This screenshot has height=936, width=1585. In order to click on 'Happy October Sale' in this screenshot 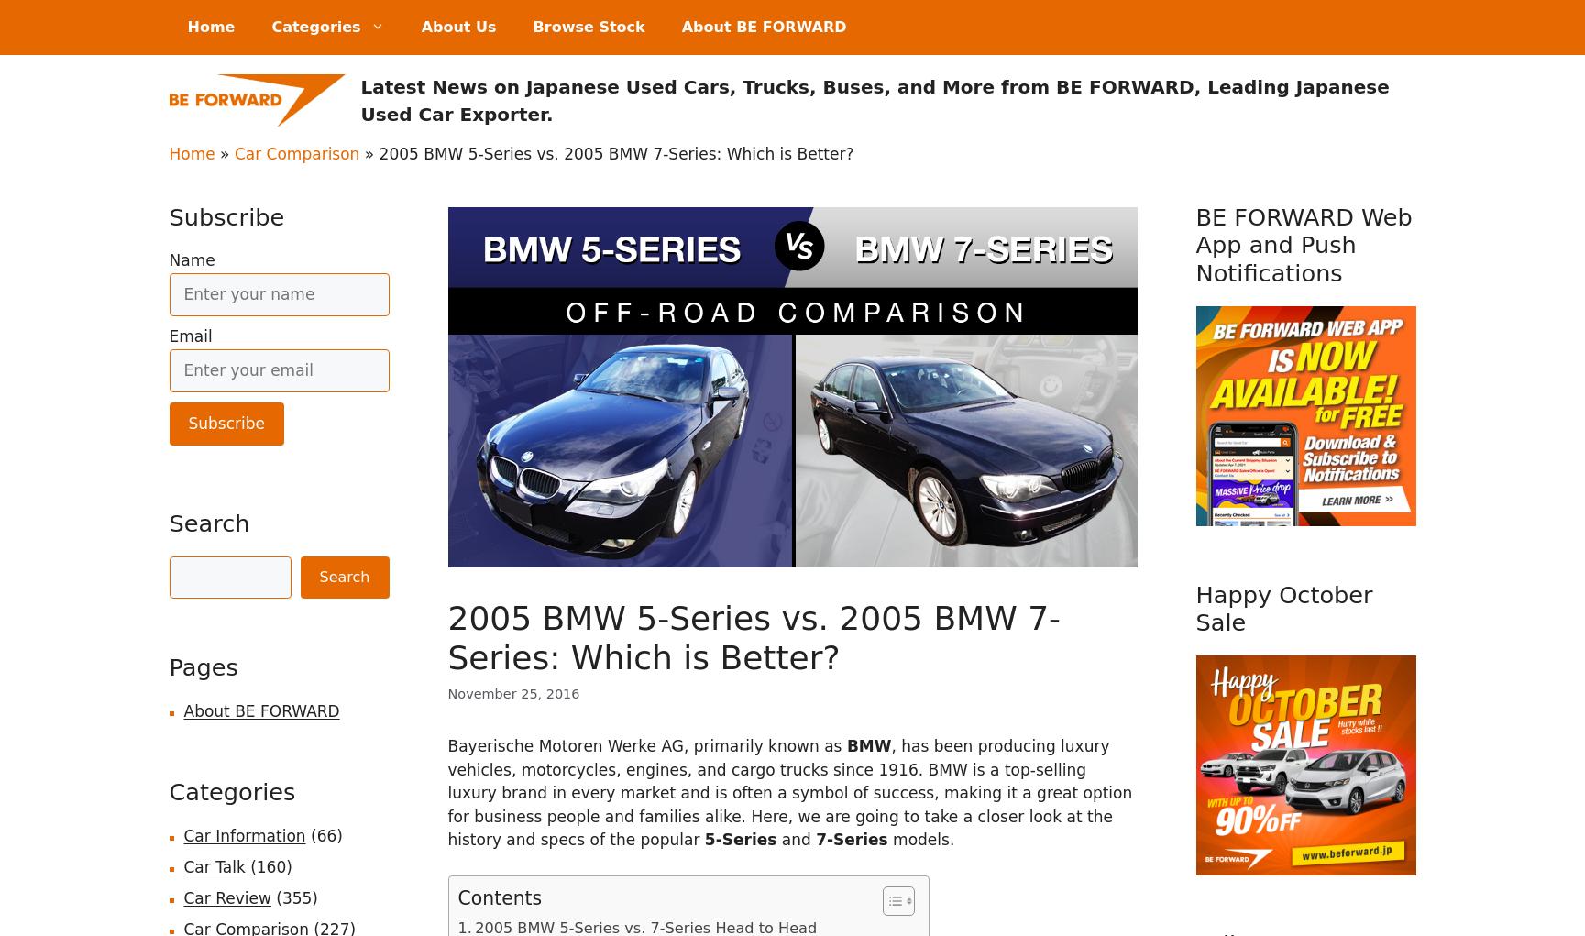, I will do `click(1282, 607)`.